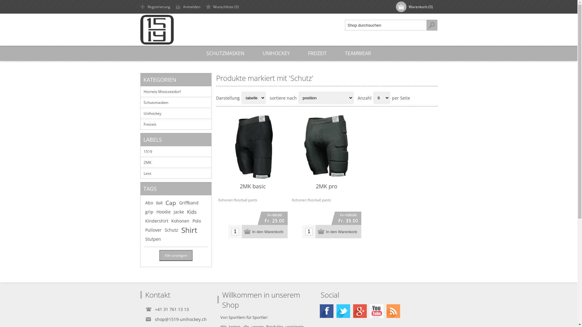  I want to click on 'Stulpen', so click(153, 239).